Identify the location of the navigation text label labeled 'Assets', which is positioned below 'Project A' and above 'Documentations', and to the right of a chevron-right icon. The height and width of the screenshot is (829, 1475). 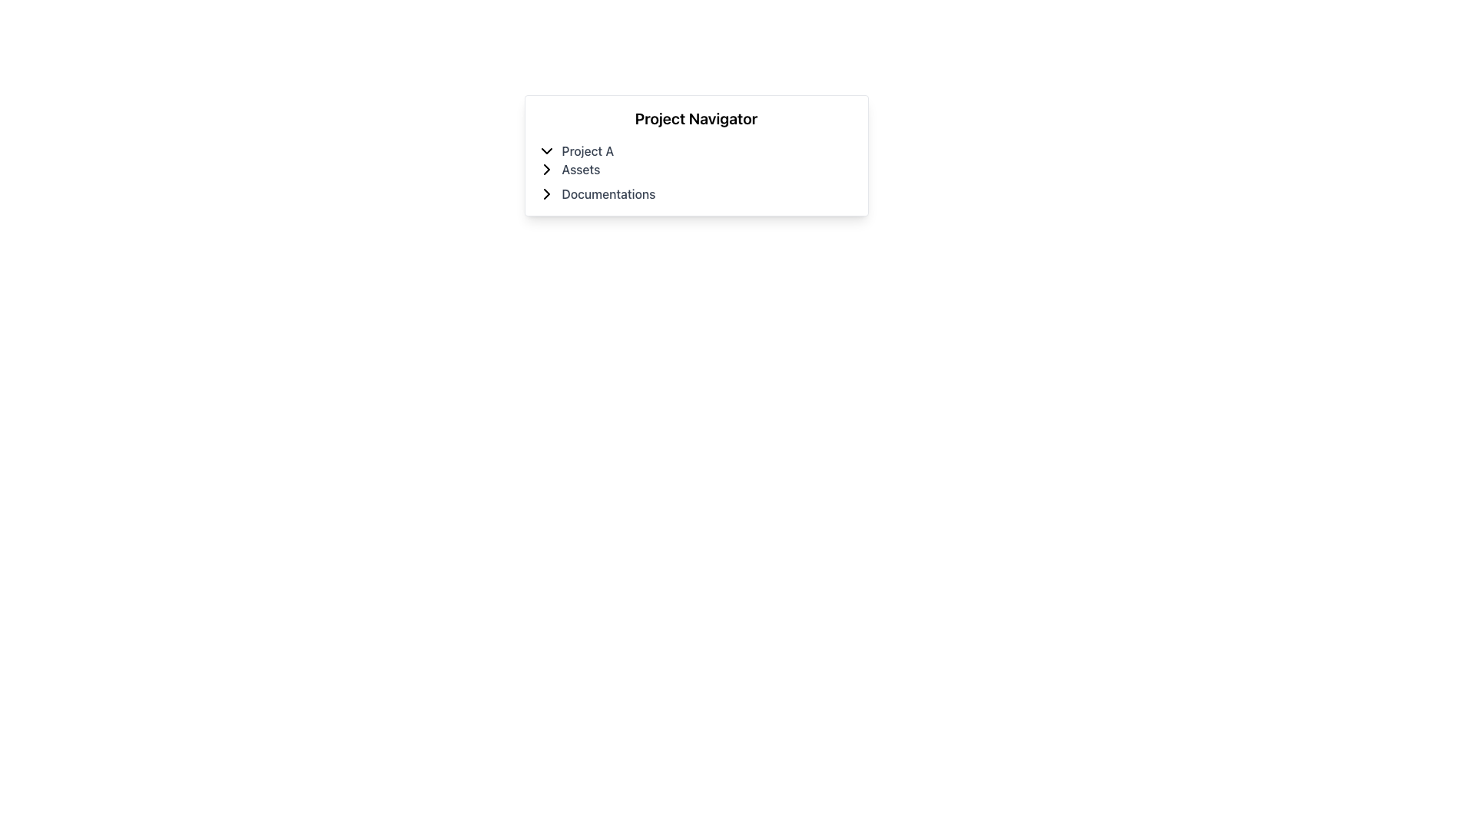
(580, 169).